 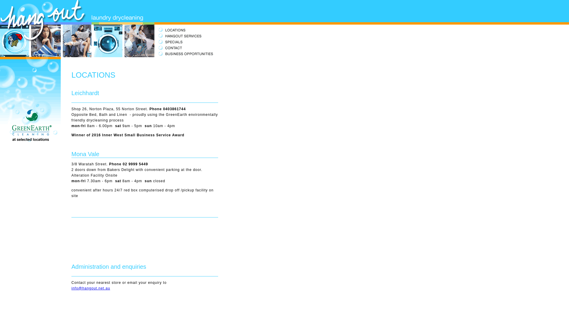 I want to click on 'info@hangout.net.au', so click(x=90, y=288).